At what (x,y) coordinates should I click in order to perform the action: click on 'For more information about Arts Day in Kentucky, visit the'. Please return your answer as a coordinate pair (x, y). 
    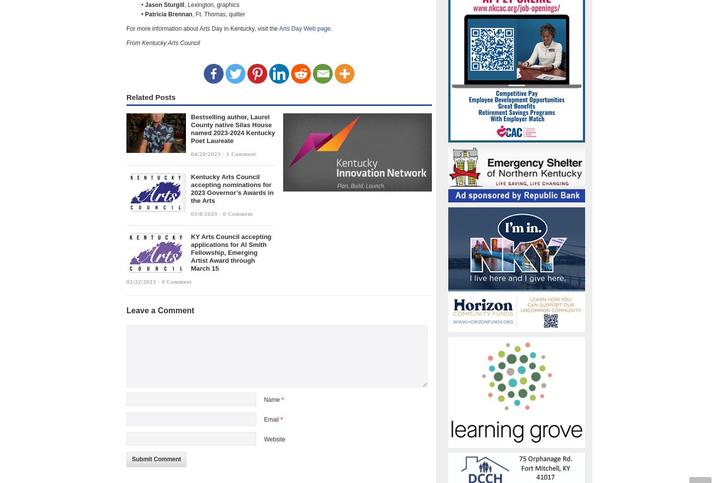
    Looking at the image, I should click on (202, 28).